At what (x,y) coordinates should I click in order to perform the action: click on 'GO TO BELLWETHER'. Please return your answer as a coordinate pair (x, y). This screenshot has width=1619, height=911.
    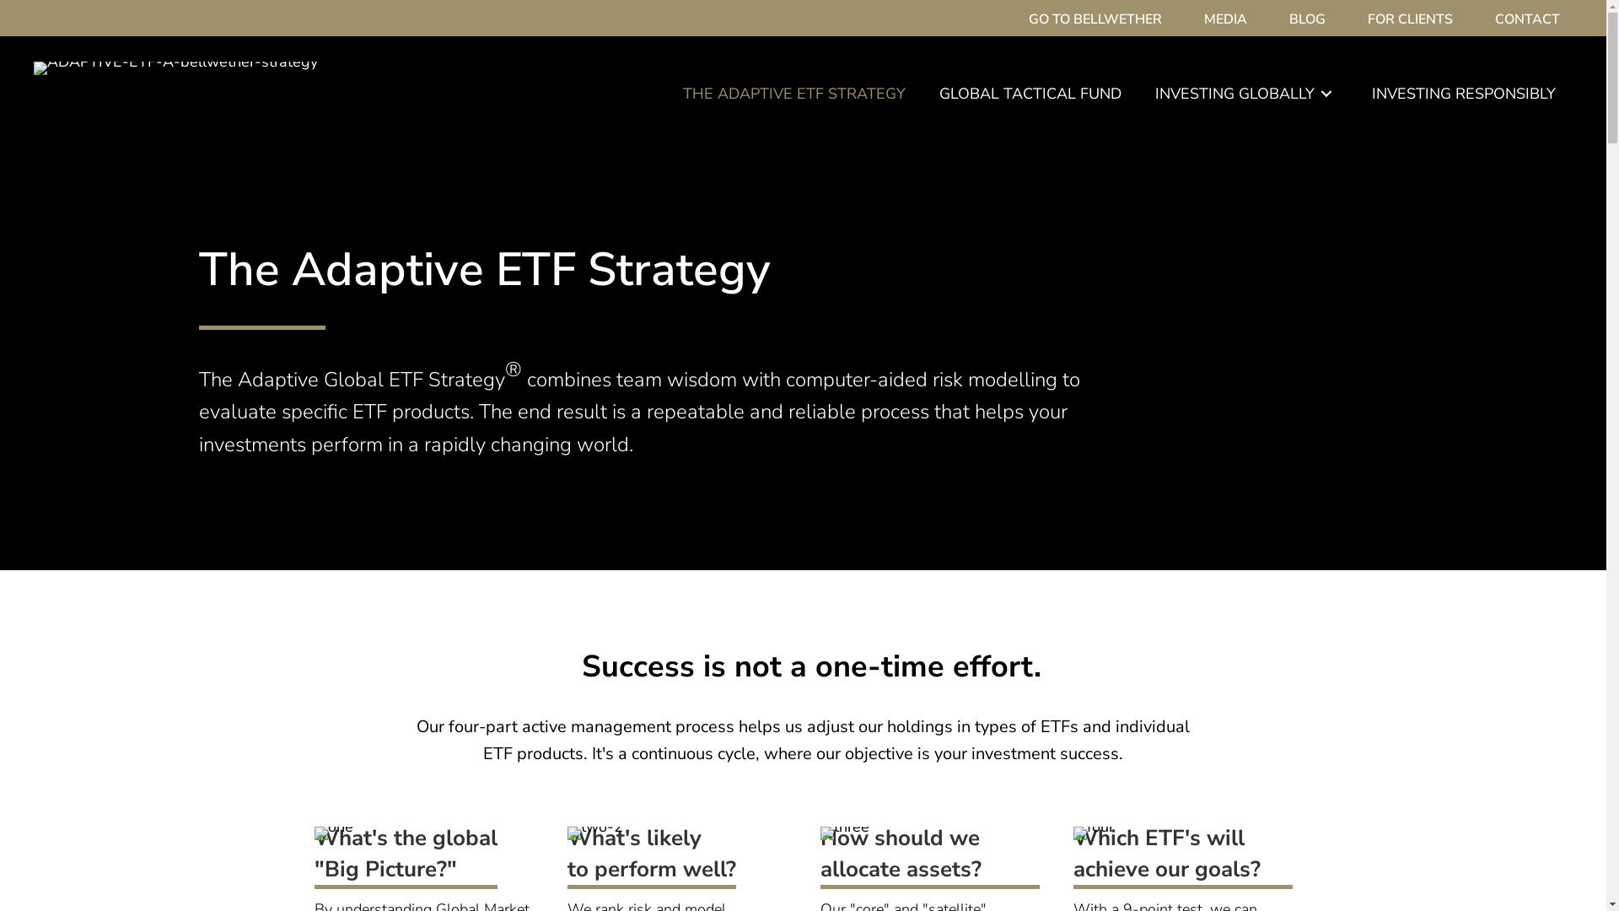
    Looking at the image, I should click on (1104, 19).